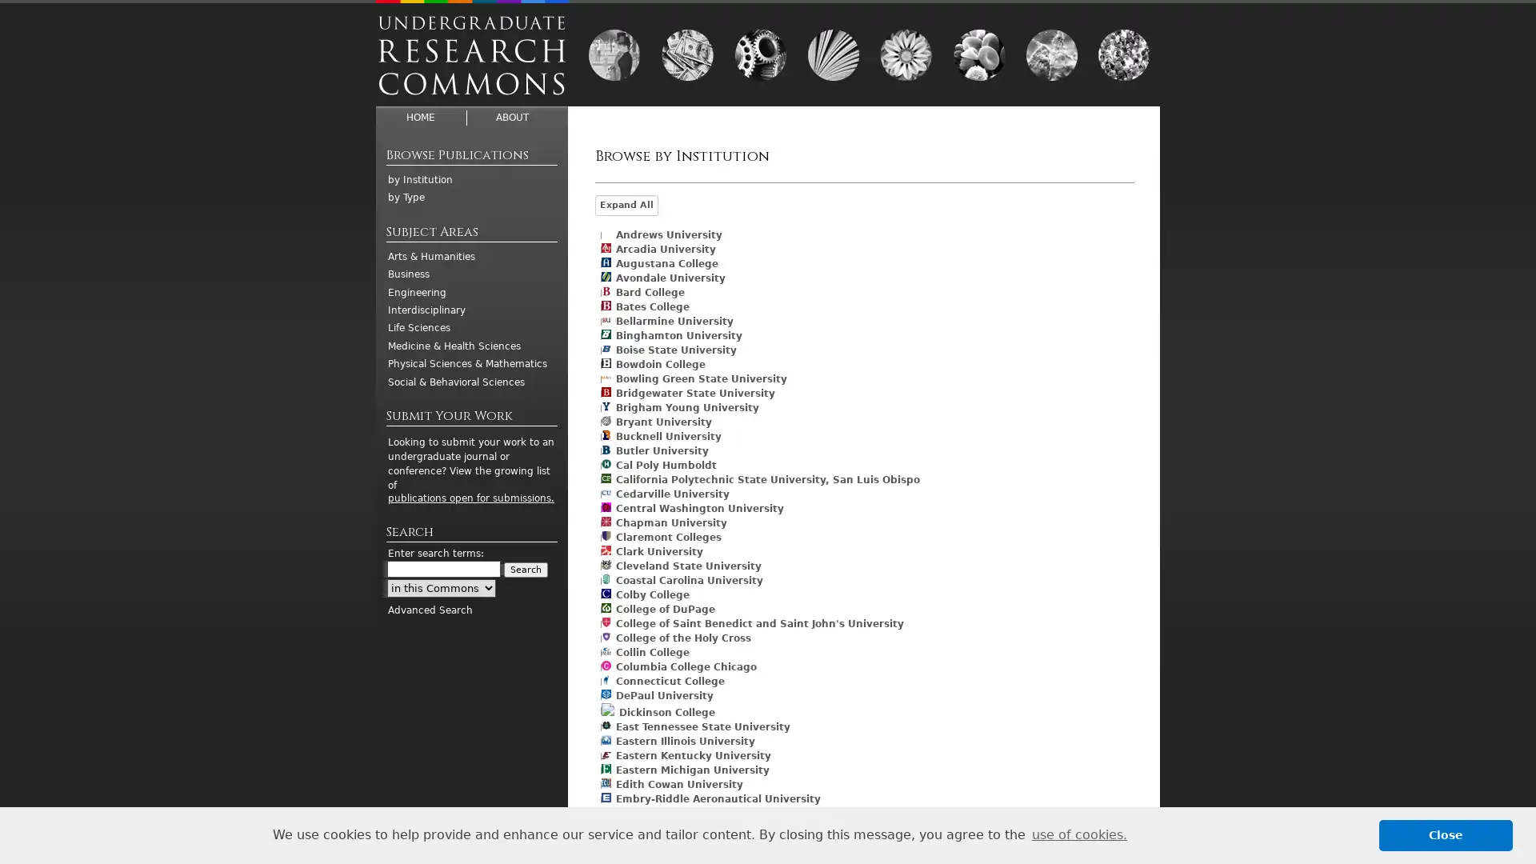 This screenshot has width=1536, height=864. What do you see at coordinates (526, 569) in the screenshot?
I see `Search` at bounding box center [526, 569].